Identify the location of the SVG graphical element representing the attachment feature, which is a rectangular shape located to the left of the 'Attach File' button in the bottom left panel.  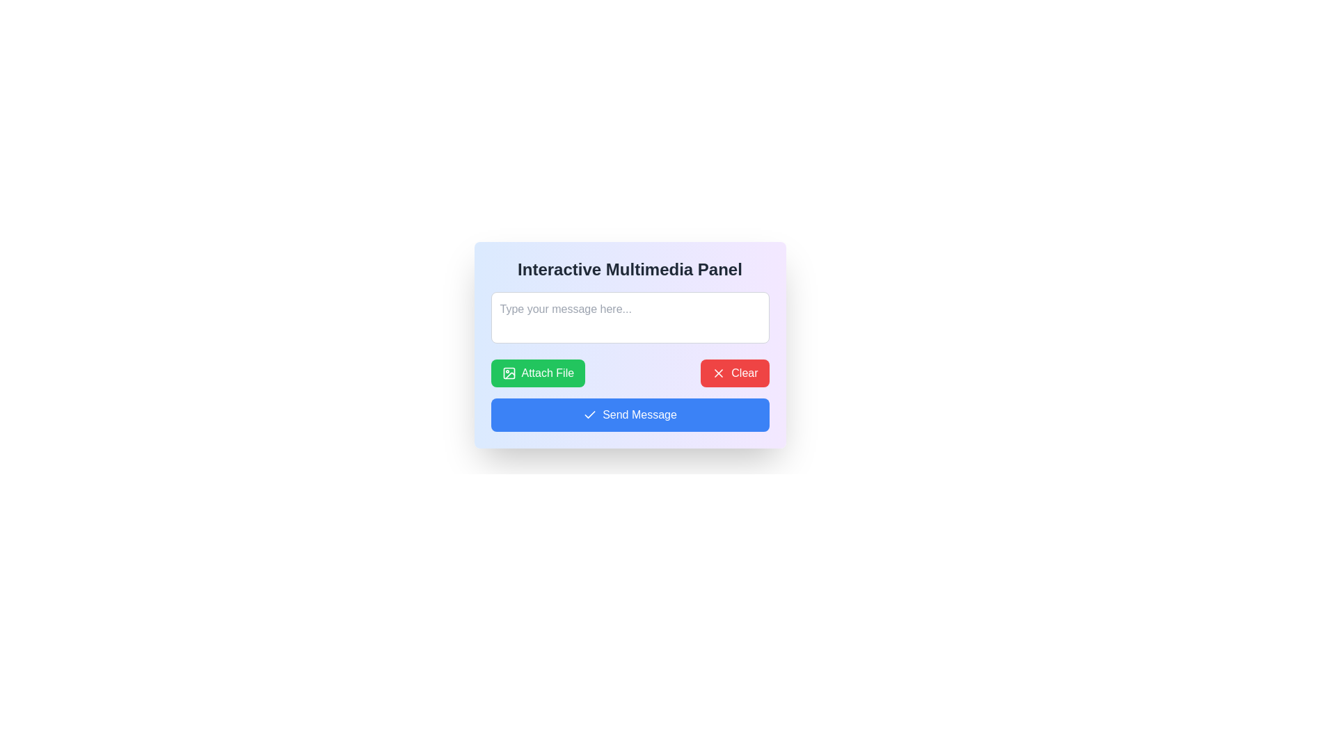
(508, 372).